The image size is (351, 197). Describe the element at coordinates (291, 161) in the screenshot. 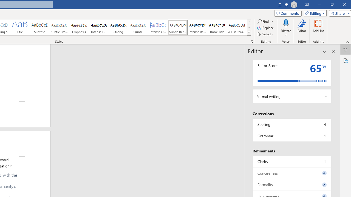

I see `'Clarity, 1 issue. Press space or enter to review items.'` at that location.